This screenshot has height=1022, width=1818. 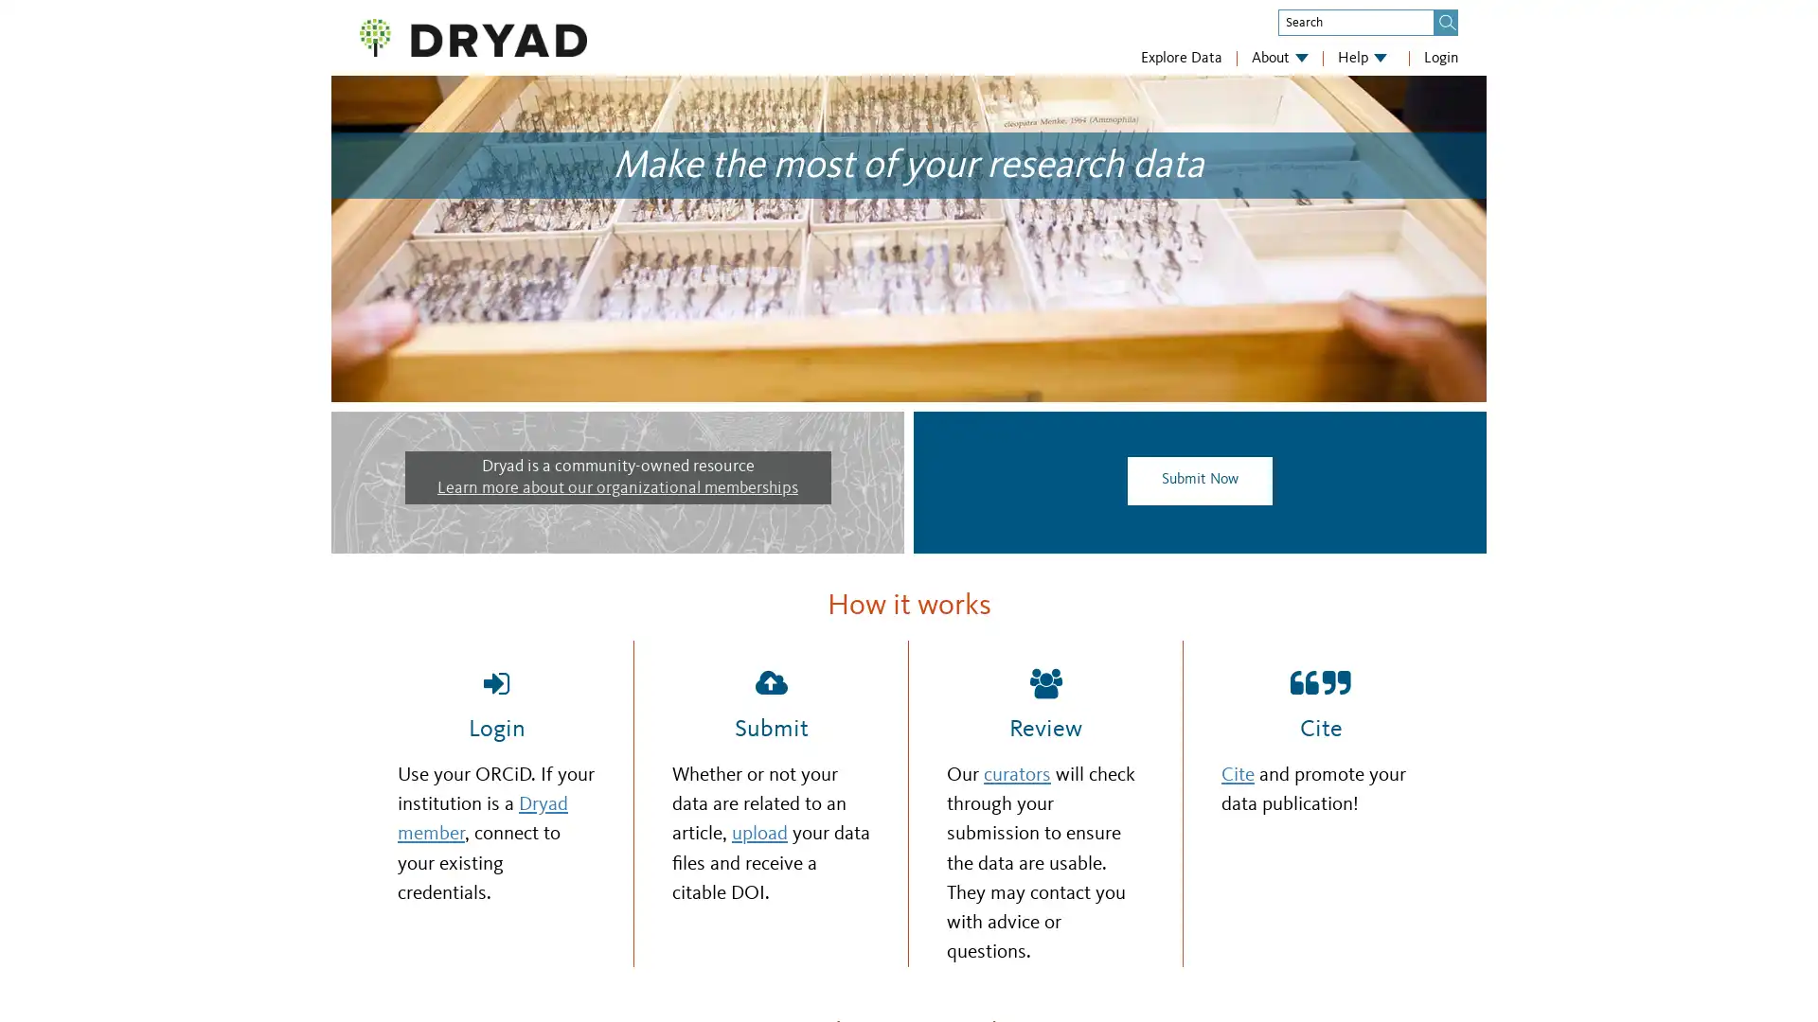 What do you see at coordinates (1280, 57) in the screenshot?
I see `About` at bounding box center [1280, 57].